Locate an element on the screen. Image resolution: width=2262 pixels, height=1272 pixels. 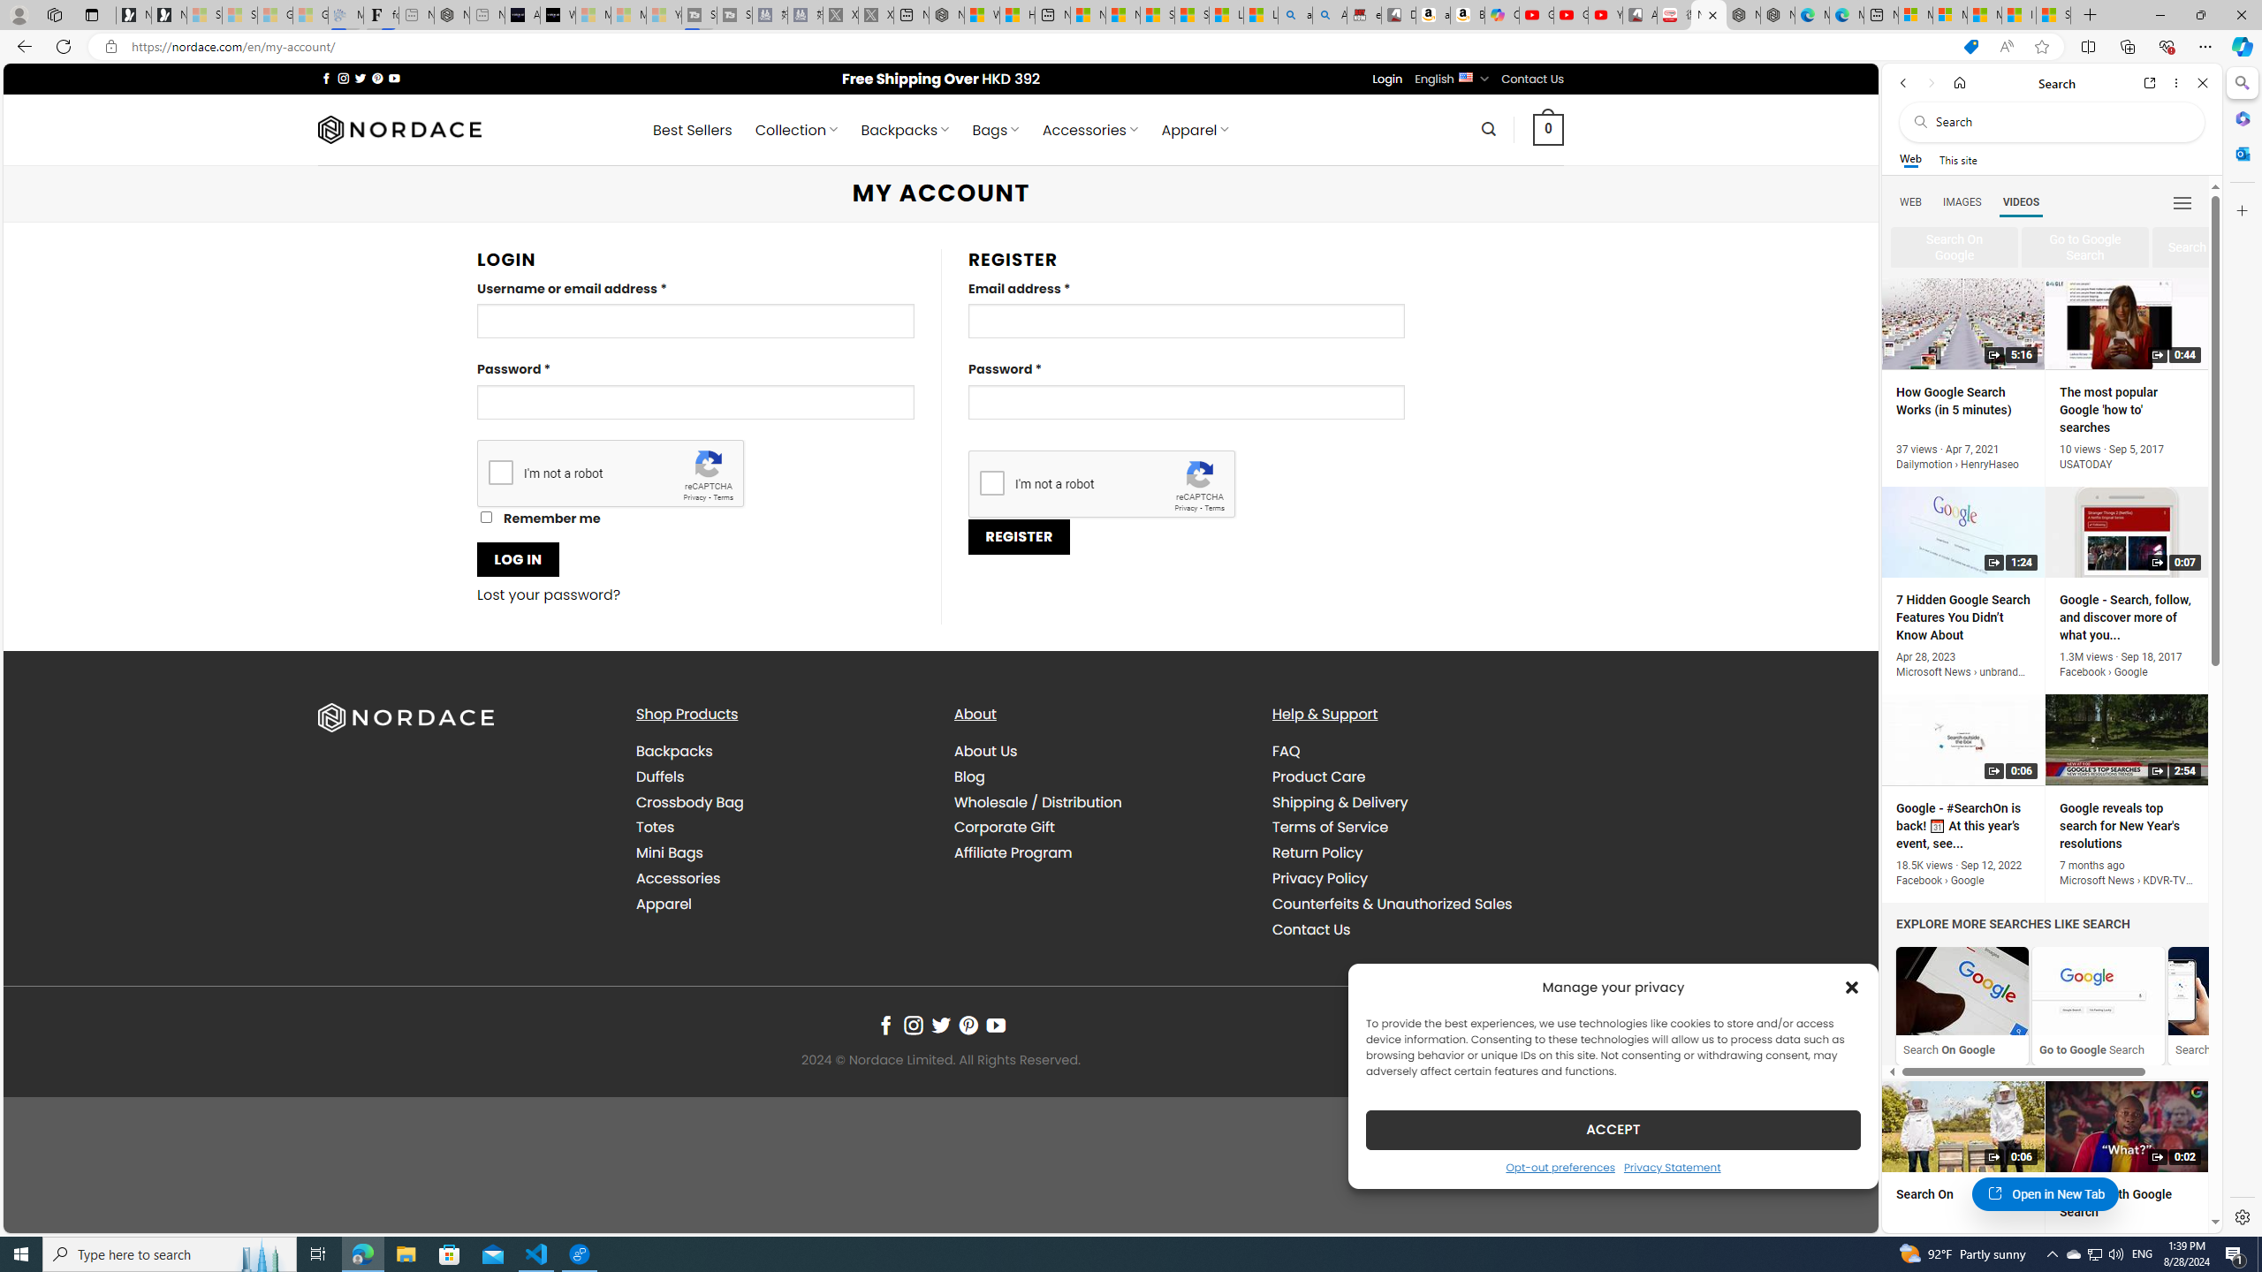
'VIDEOS' is located at coordinates (2020, 201).